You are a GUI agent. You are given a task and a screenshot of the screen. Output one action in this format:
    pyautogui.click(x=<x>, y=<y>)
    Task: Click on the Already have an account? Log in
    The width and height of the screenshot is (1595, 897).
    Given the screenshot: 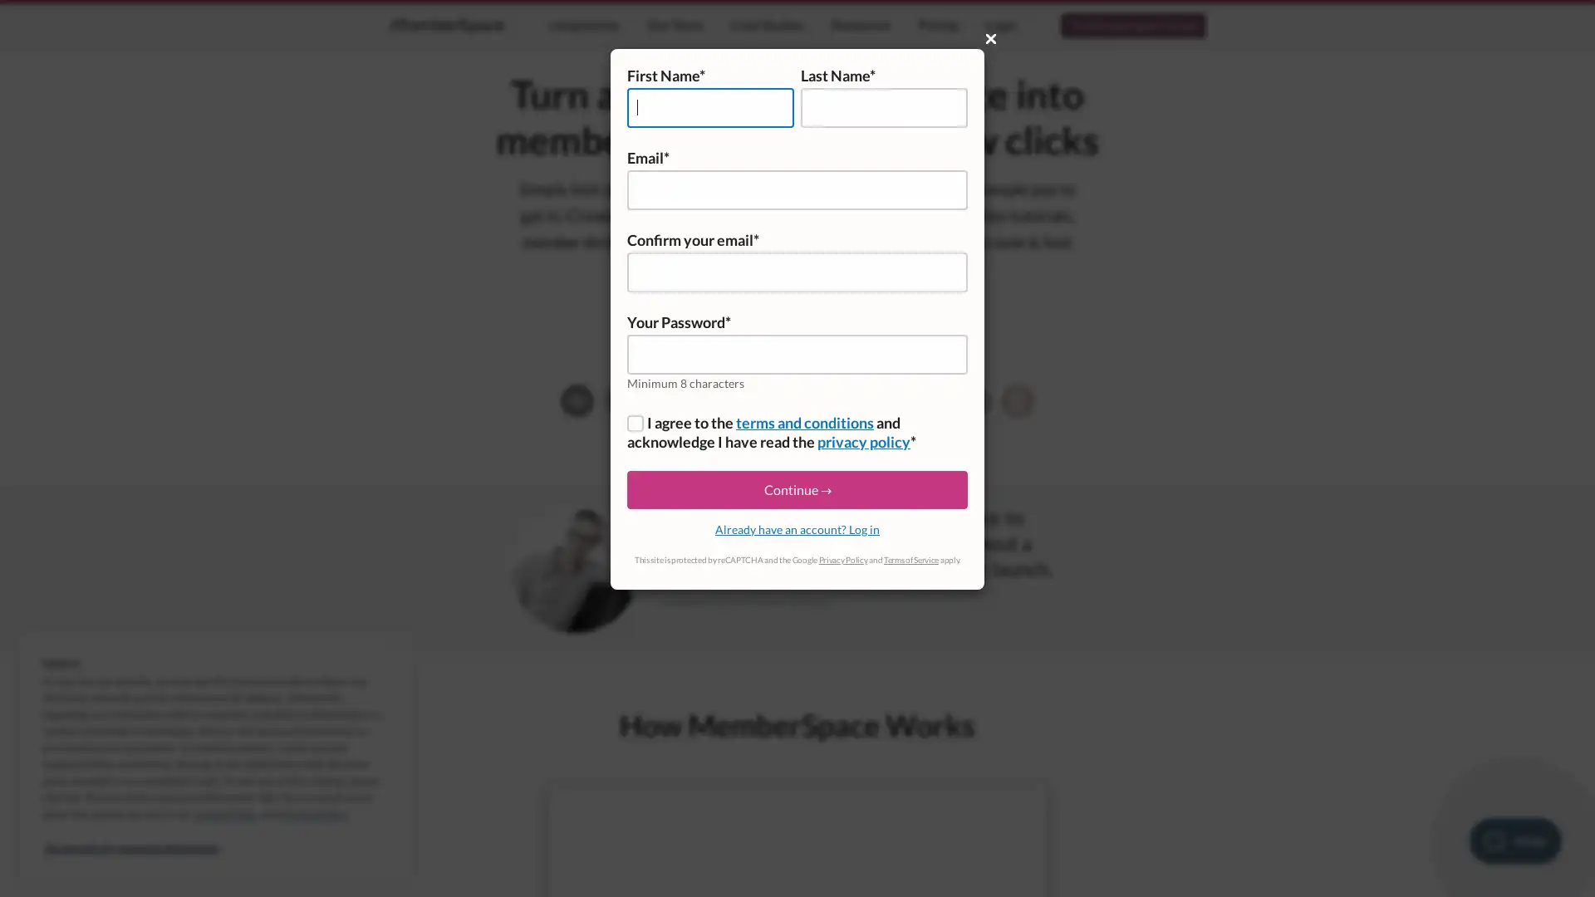 What is the action you would take?
    pyautogui.click(x=797, y=529)
    